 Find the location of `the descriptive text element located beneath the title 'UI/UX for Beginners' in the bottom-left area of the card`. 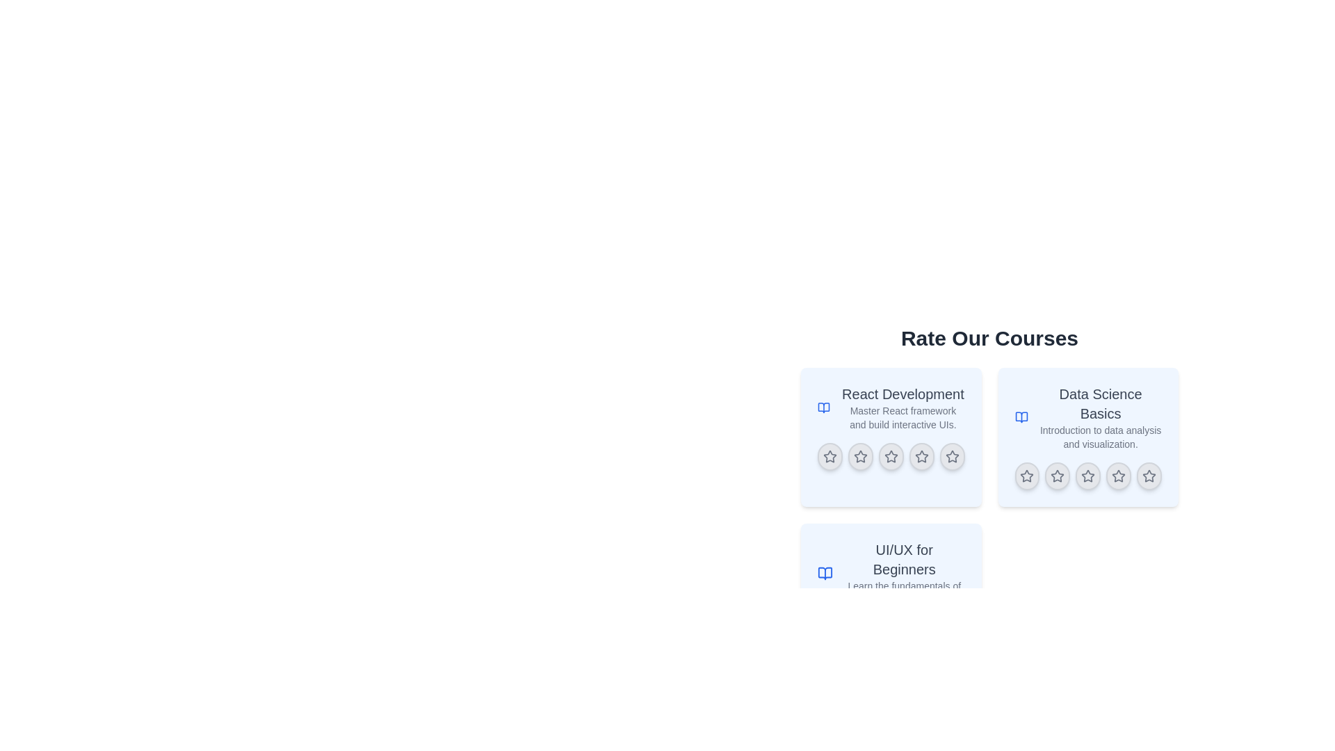

the descriptive text element located beneath the title 'UI/UX for Beginners' in the bottom-left area of the card is located at coordinates (904, 592).